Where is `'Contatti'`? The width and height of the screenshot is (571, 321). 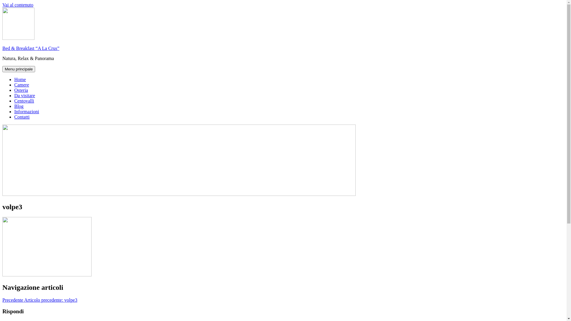 'Contatti' is located at coordinates (22, 117).